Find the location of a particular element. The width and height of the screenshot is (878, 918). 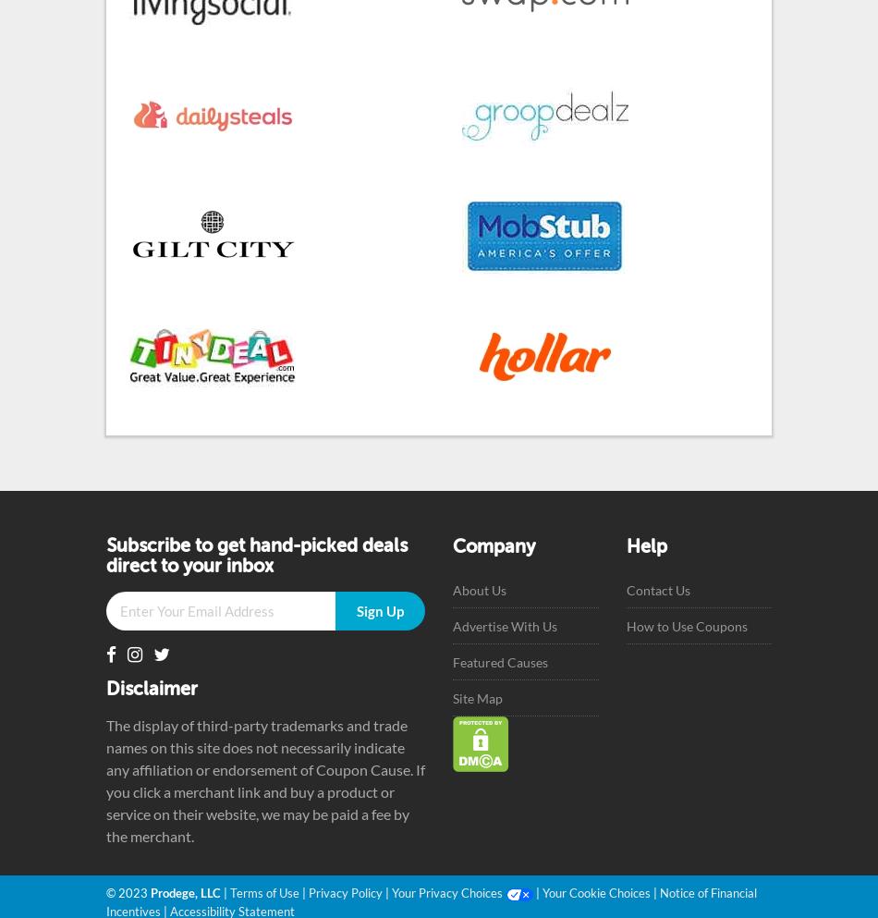

'The display of third-party trademarks and trade names on this site does not necessarily indicate any affiliation or endorsement of Coupon Cause. If you click a merchant link and buy a product or service on their website, we may be paid a fee by the merchant.' is located at coordinates (264, 779).